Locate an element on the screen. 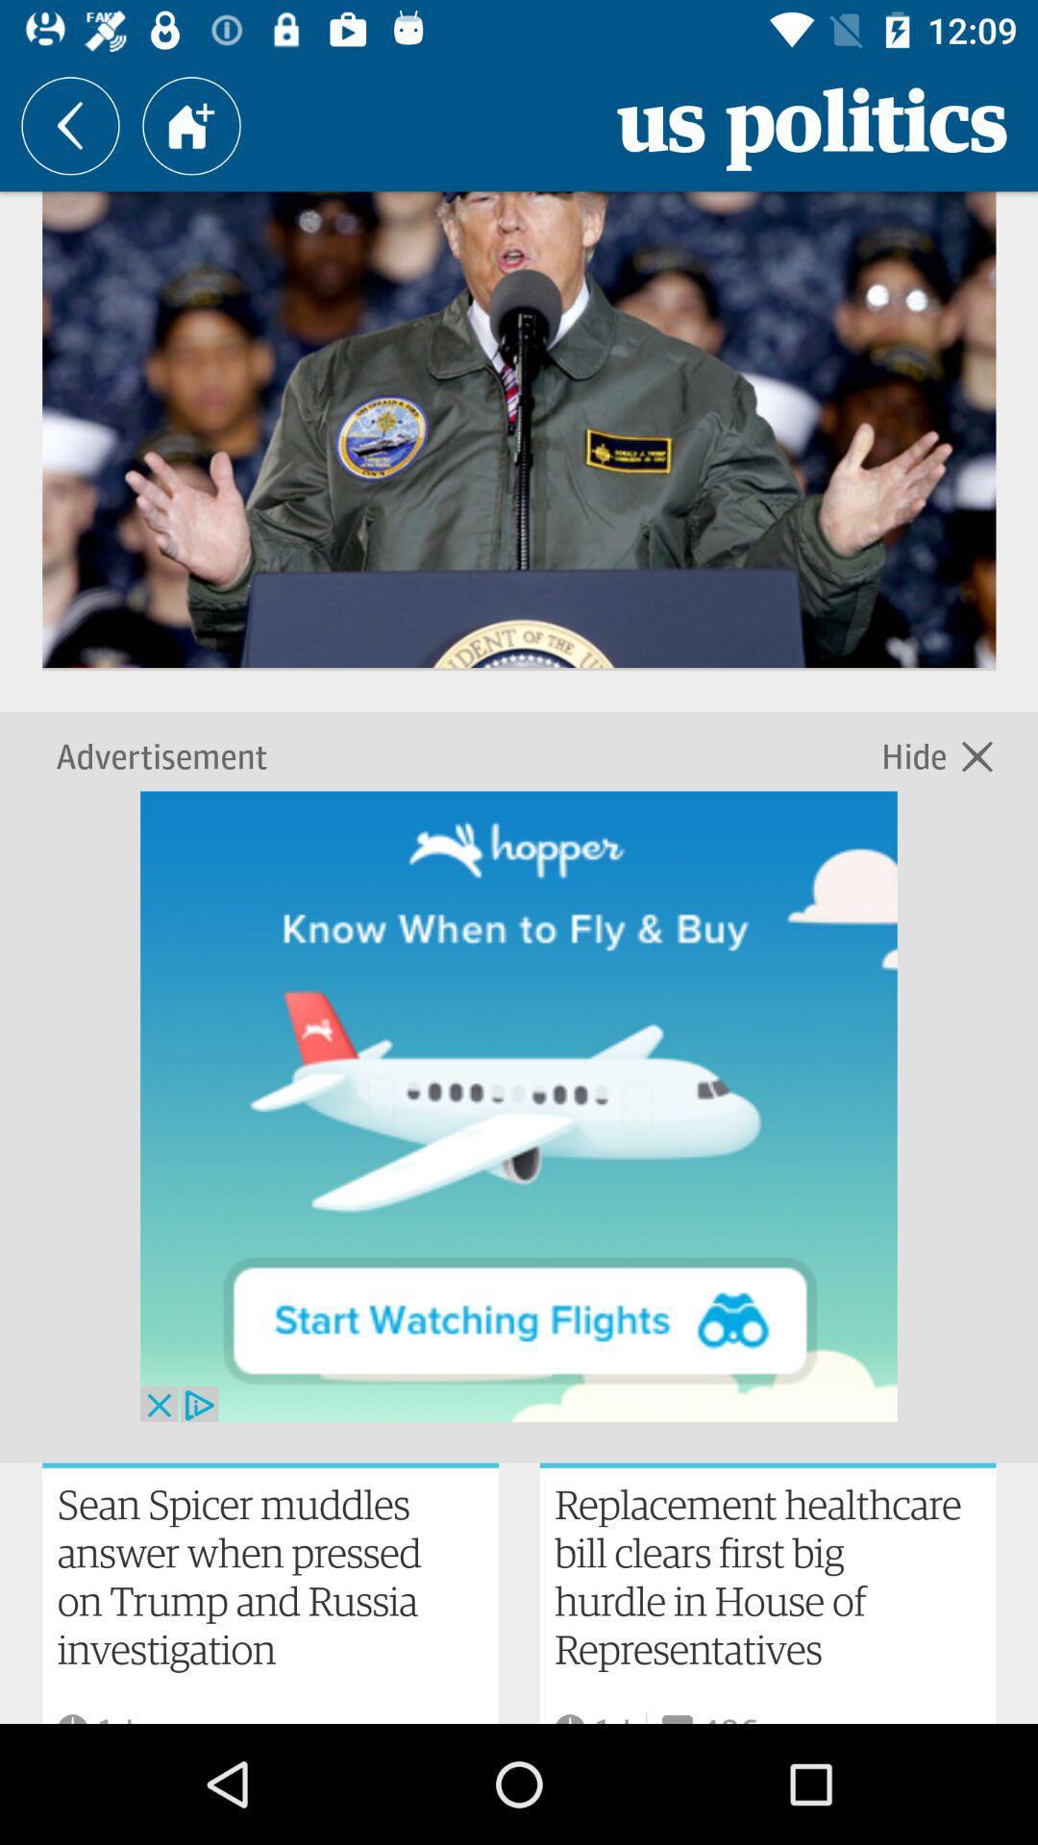 This screenshot has height=1845, width=1038. hide is located at coordinates (918, 753).